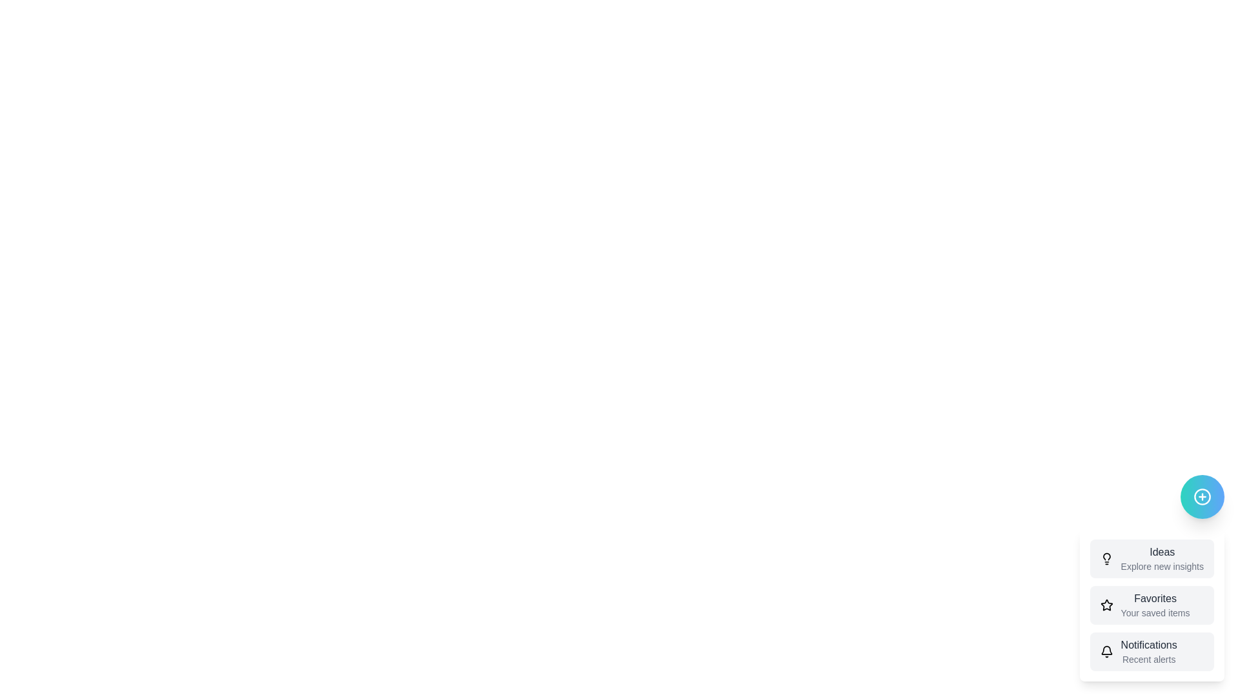  Describe the element at coordinates (1106, 650) in the screenshot. I see `the bell notification icon, which is a minimalistic outline design located at the bottom right corner of the interface, next to the menu options 'Ideas', 'Favorites', and 'Notifications'` at that location.